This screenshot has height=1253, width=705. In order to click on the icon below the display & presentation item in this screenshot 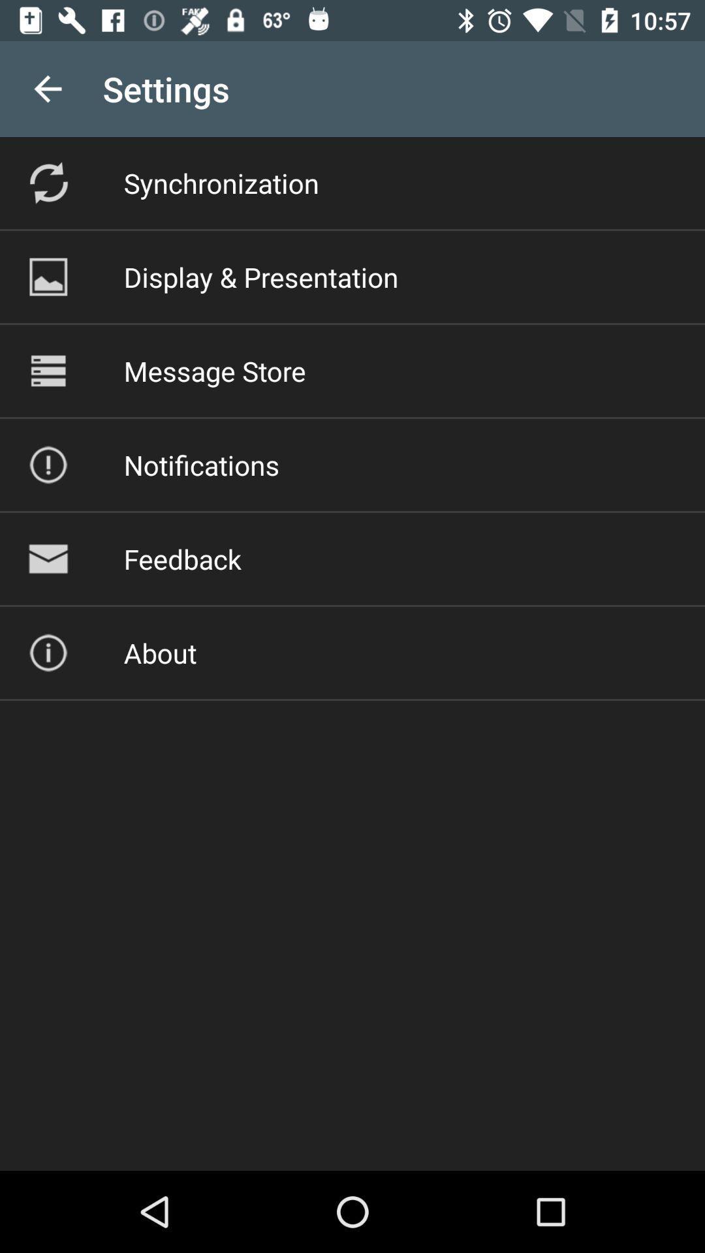, I will do `click(214, 370)`.